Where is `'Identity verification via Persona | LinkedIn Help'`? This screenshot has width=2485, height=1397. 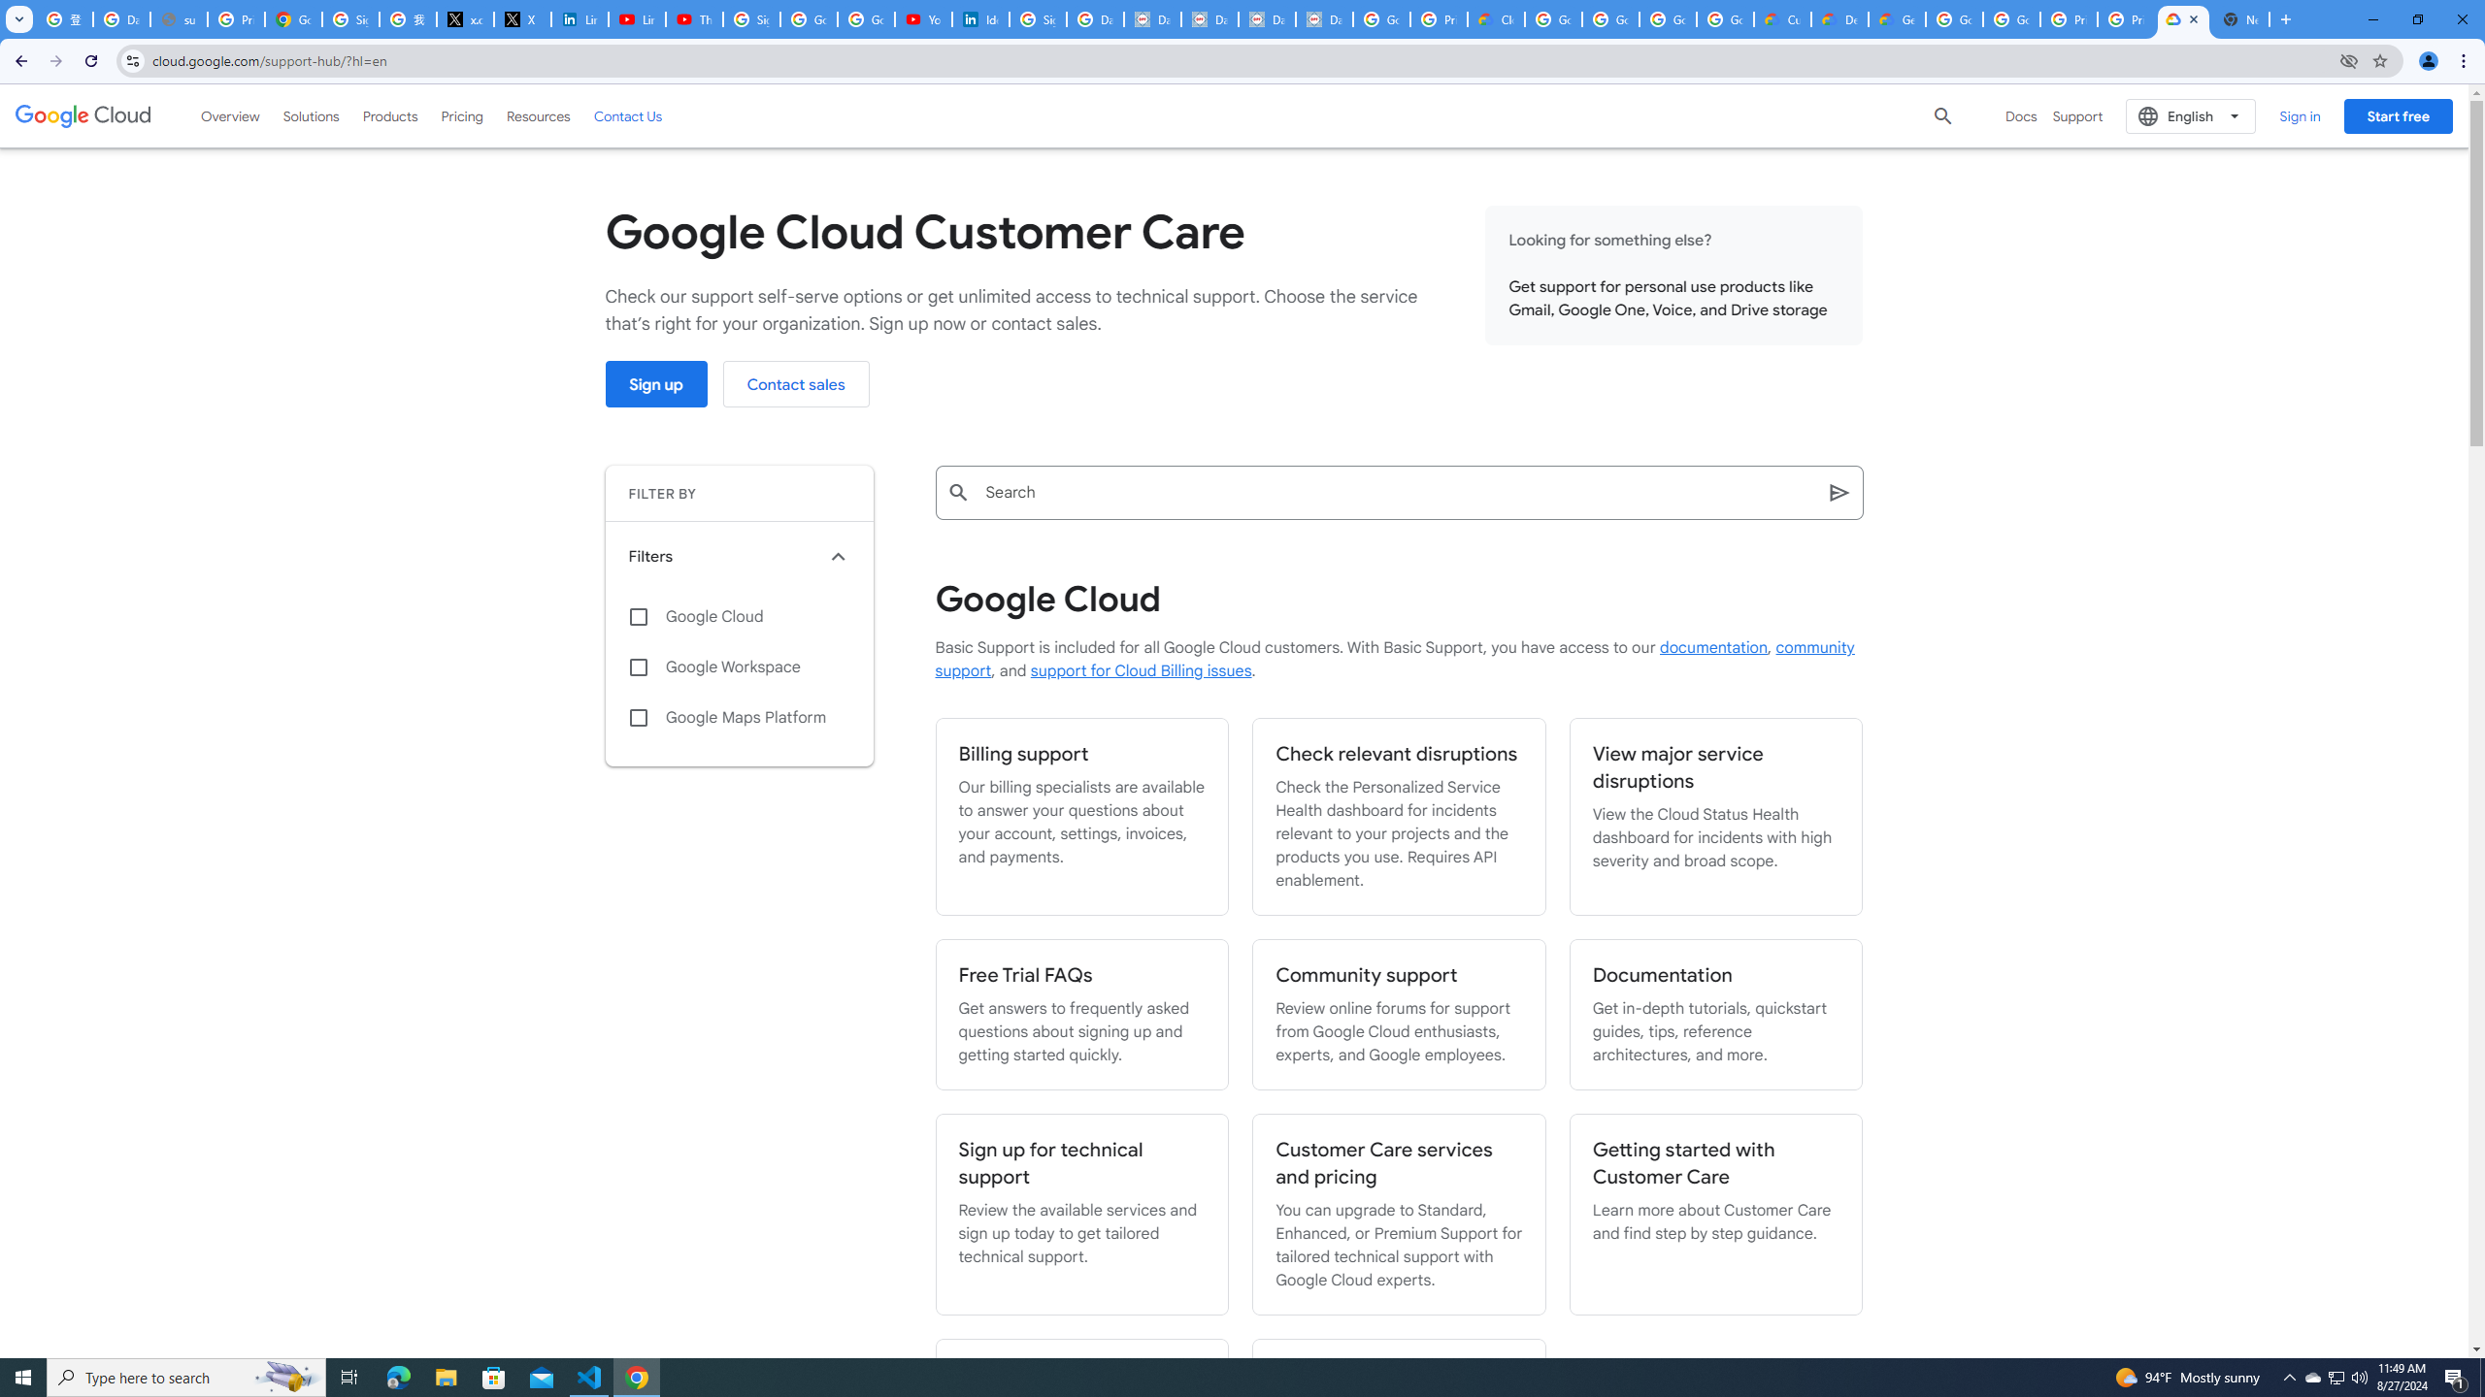 'Identity verification via Persona | LinkedIn Help' is located at coordinates (980, 18).